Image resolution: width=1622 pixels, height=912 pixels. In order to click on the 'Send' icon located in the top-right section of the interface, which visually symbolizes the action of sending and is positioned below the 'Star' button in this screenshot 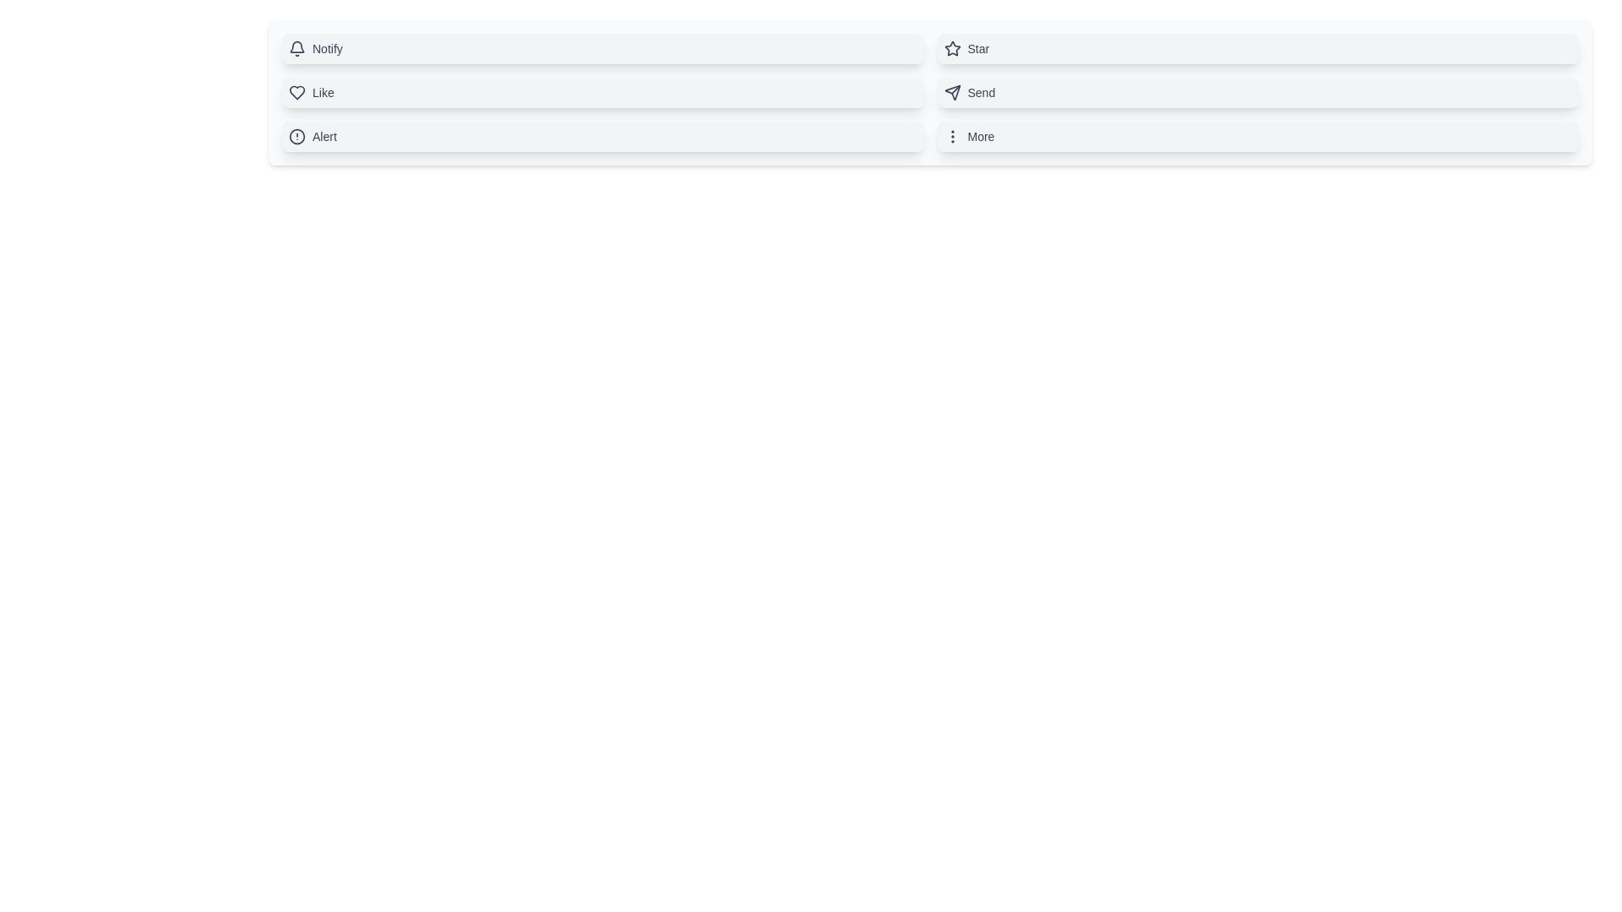, I will do `click(952, 93)`.